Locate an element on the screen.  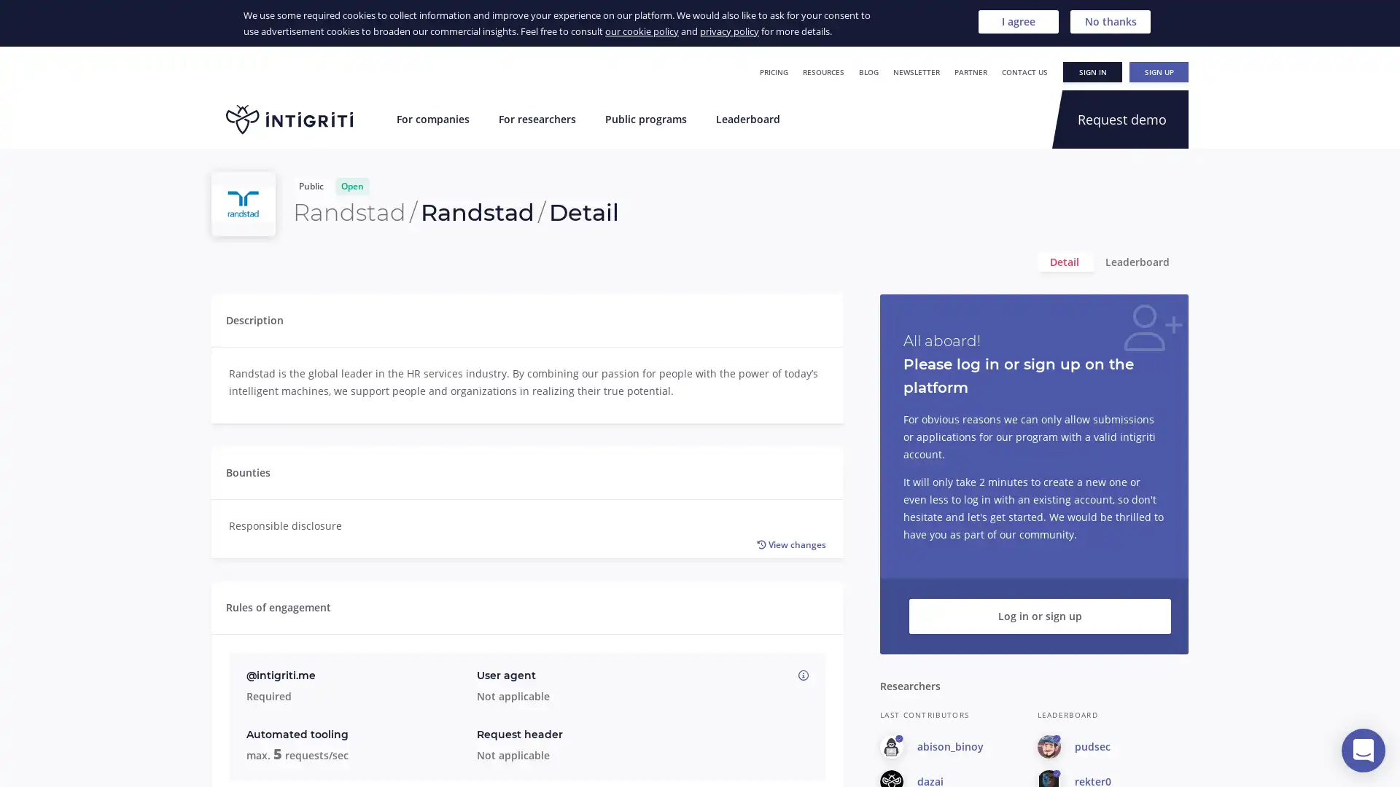
I agree is located at coordinates (1017, 22).